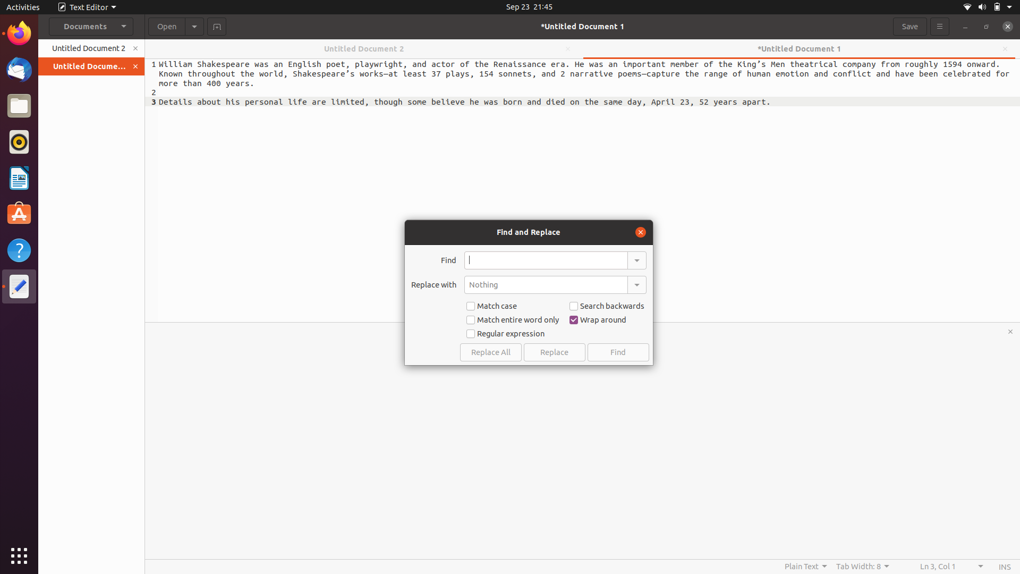  What do you see at coordinates (546, 260) in the screenshot?
I see `Search for the term "shakespeare" within the document` at bounding box center [546, 260].